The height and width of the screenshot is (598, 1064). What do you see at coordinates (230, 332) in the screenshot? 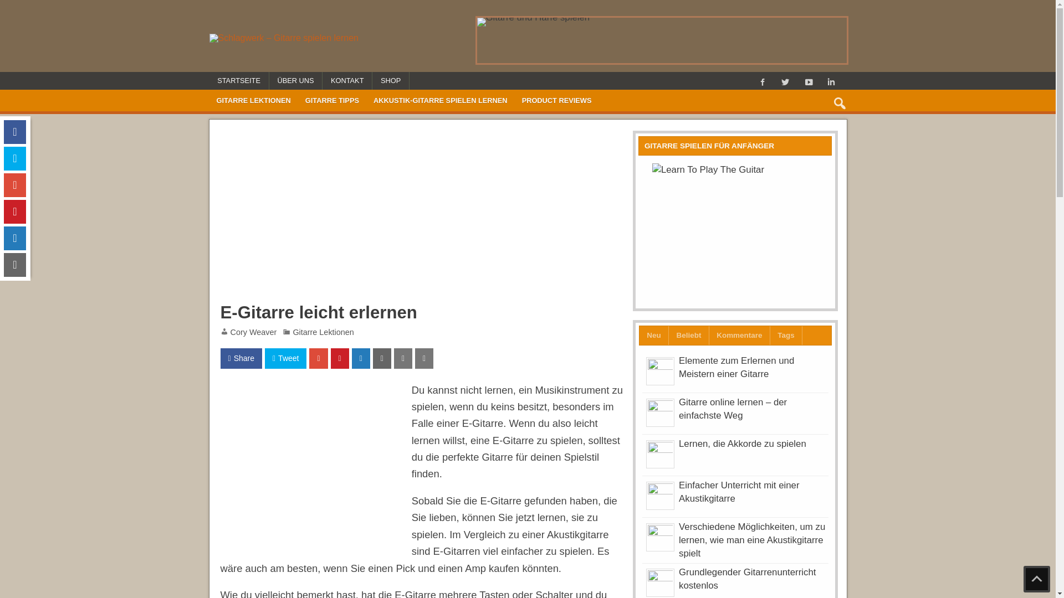
I see `'Cory Weaver'` at bounding box center [230, 332].